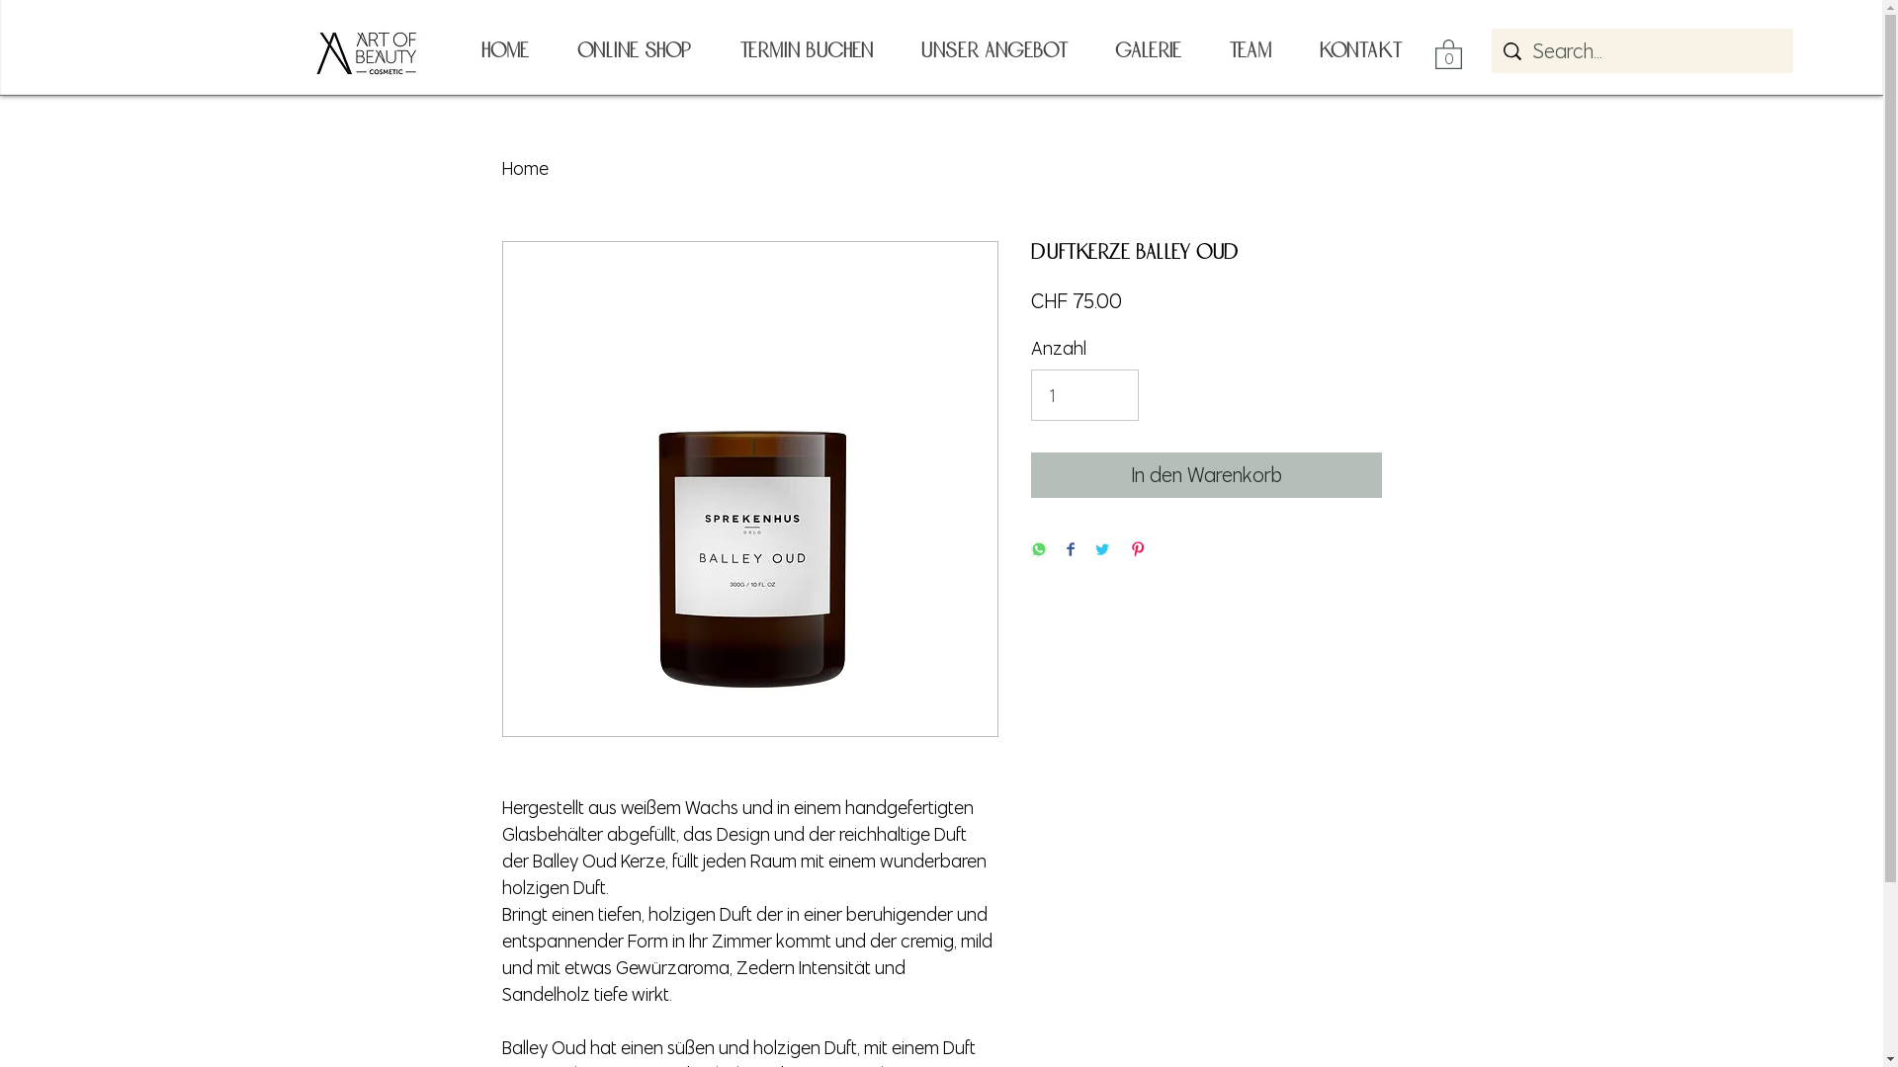 This screenshot has height=1067, width=1898. I want to click on 'Home', so click(525, 167).